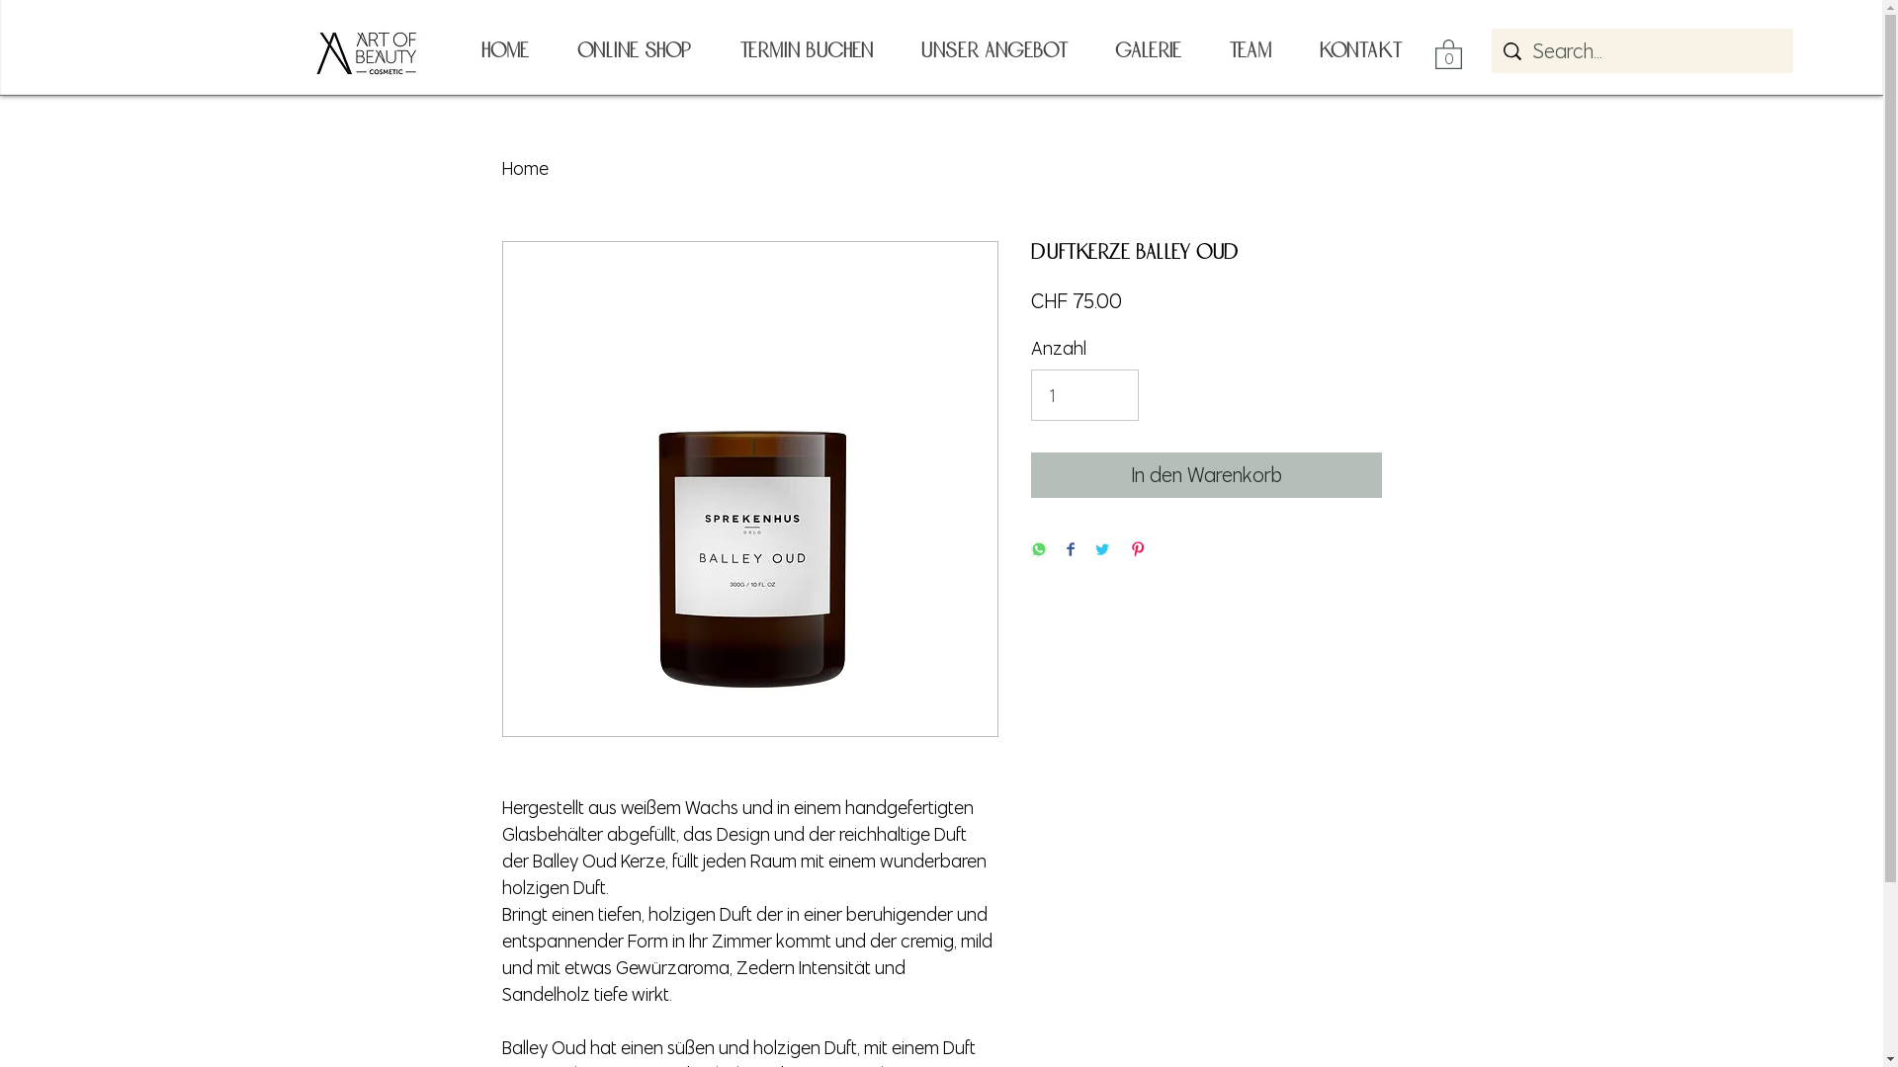 This screenshot has height=1067, width=1898. I want to click on 'Home', so click(525, 167).